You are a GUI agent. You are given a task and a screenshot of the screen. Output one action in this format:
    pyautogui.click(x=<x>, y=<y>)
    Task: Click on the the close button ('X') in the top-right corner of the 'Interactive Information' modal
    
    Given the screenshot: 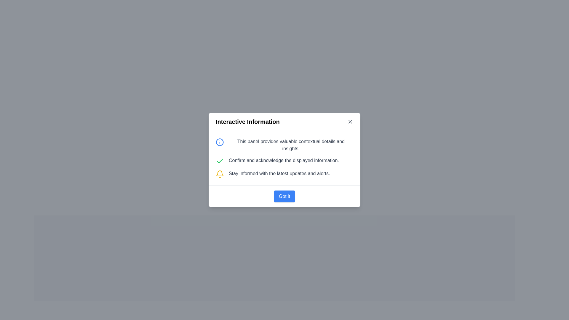 What is the action you would take?
    pyautogui.click(x=350, y=121)
    